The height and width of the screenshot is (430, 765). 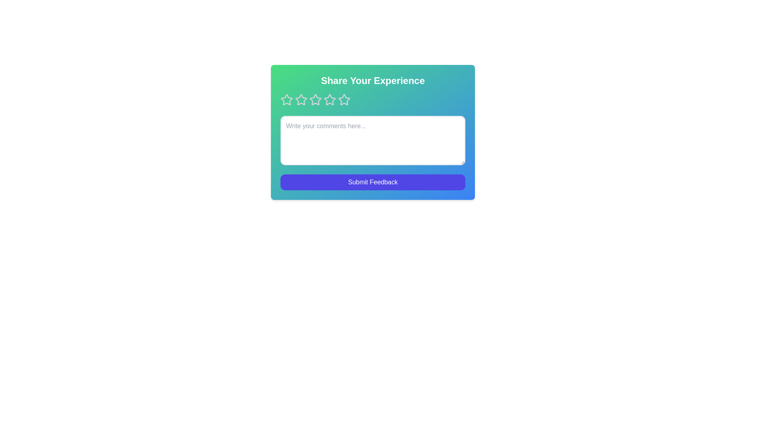 What do you see at coordinates (315, 99) in the screenshot?
I see `the rating to 3 stars by clicking on the corresponding star` at bounding box center [315, 99].